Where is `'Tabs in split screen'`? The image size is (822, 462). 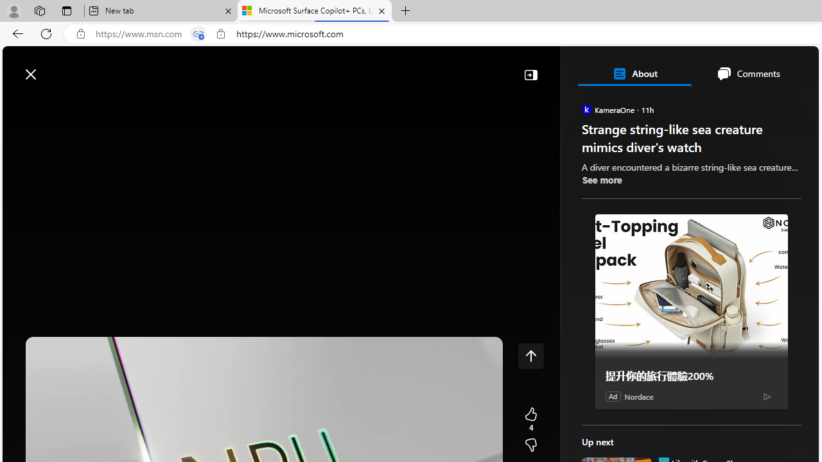 'Tabs in split screen' is located at coordinates (198, 33).